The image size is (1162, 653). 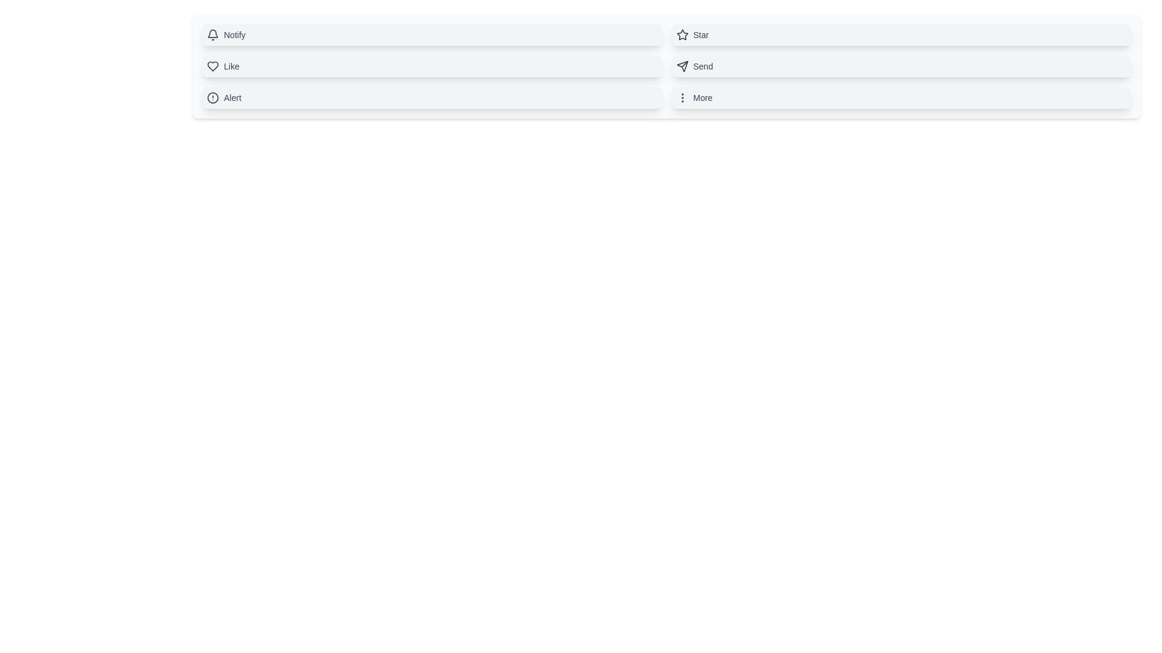 What do you see at coordinates (701, 34) in the screenshot?
I see `the text label displaying 'Star' located beside a star icon in the top right section of the interface` at bounding box center [701, 34].